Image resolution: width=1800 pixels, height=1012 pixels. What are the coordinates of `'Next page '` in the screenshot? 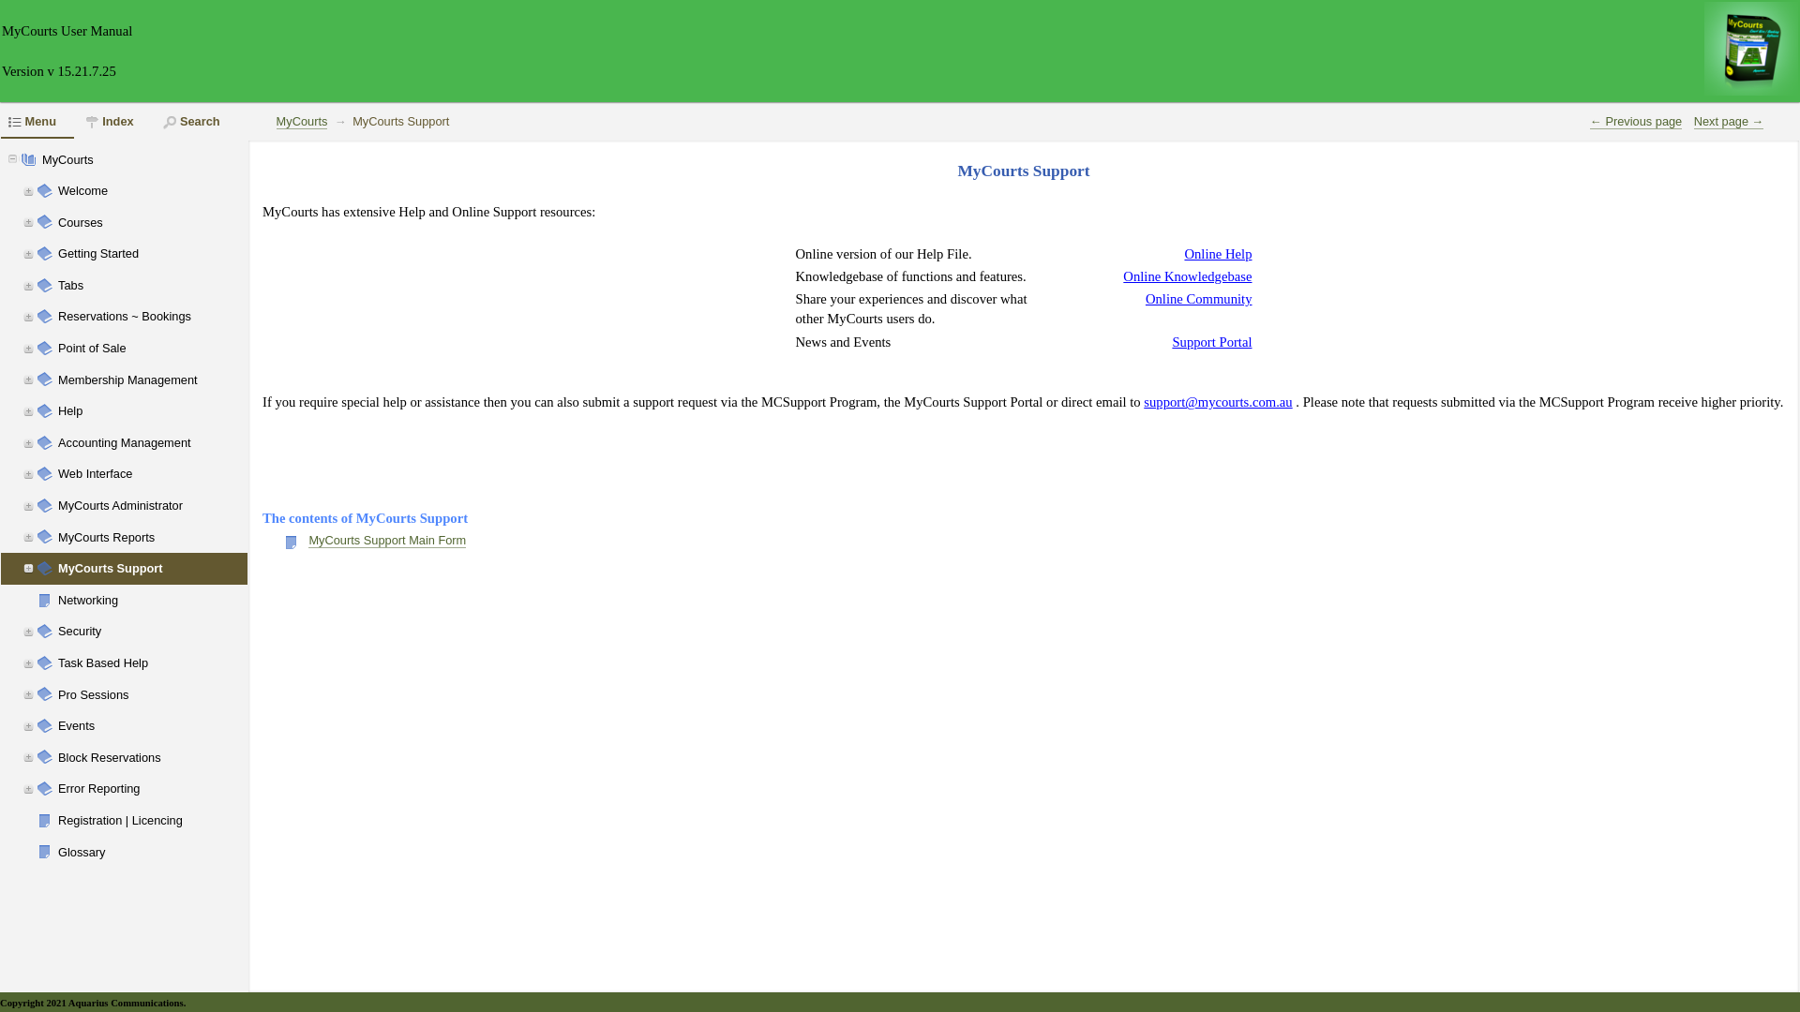 It's located at (1693, 122).